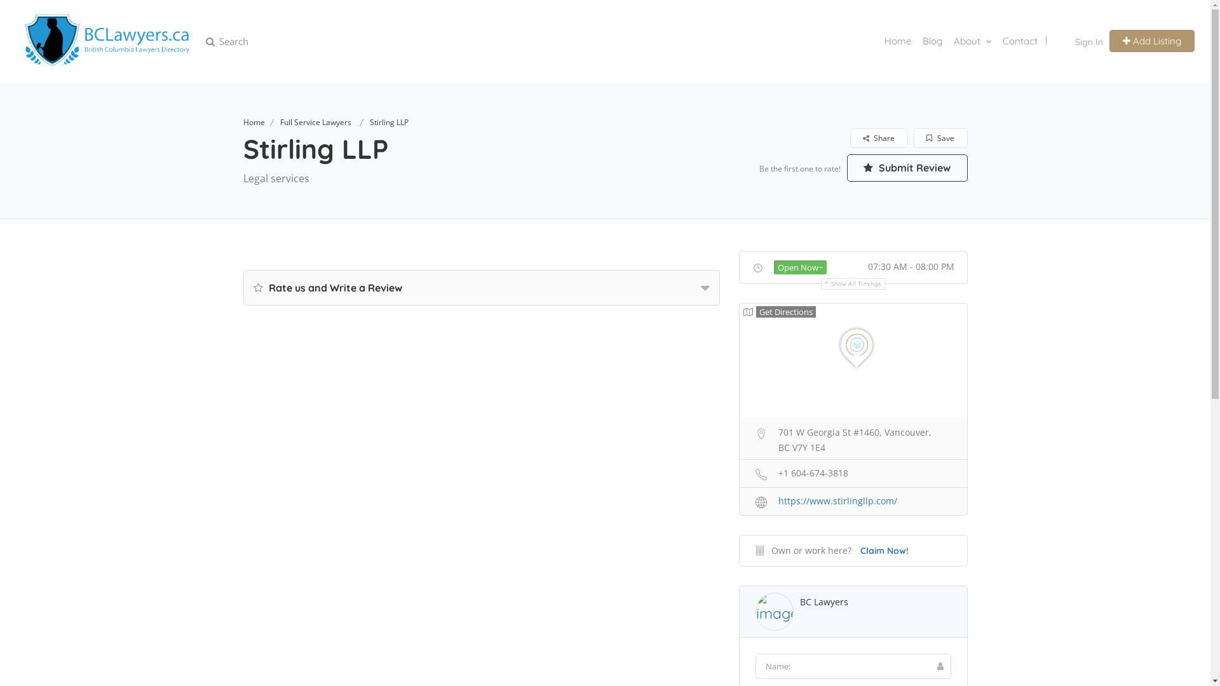  I want to click on 'Get Directions', so click(737, 311).